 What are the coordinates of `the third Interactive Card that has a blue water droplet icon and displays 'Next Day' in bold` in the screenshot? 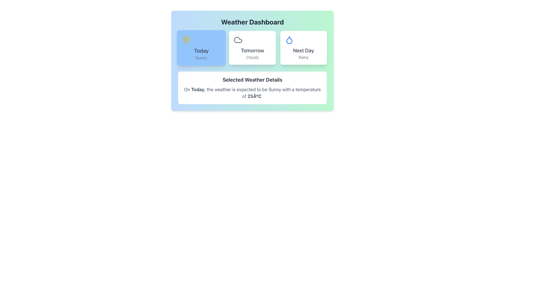 It's located at (303, 47).